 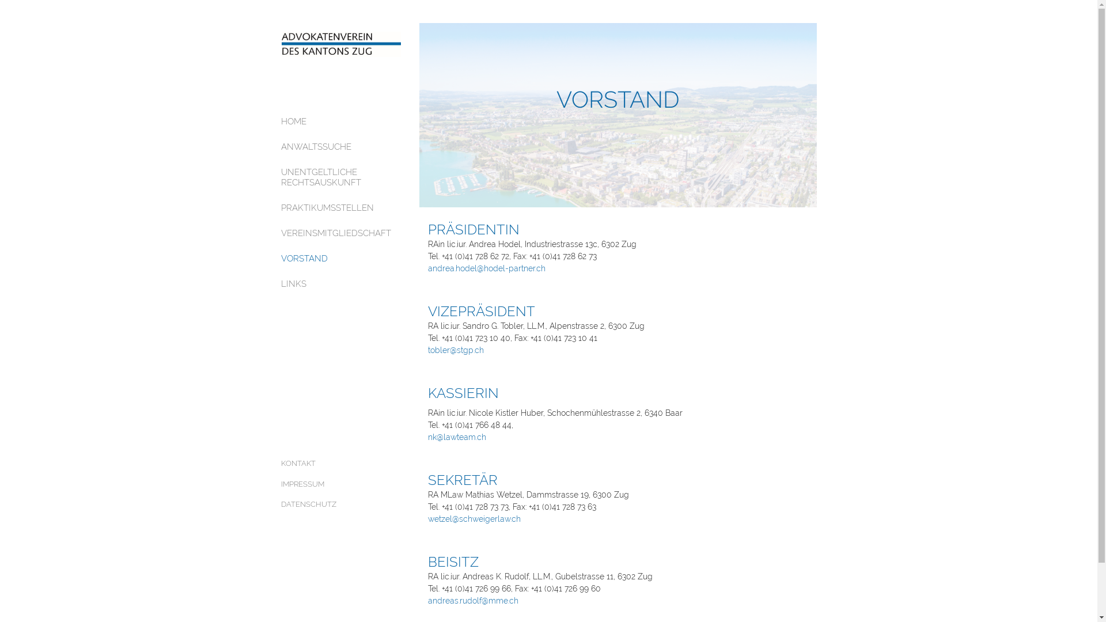 What do you see at coordinates (427, 268) in the screenshot?
I see `'andrea.hodel@hodel-partner.ch'` at bounding box center [427, 268].